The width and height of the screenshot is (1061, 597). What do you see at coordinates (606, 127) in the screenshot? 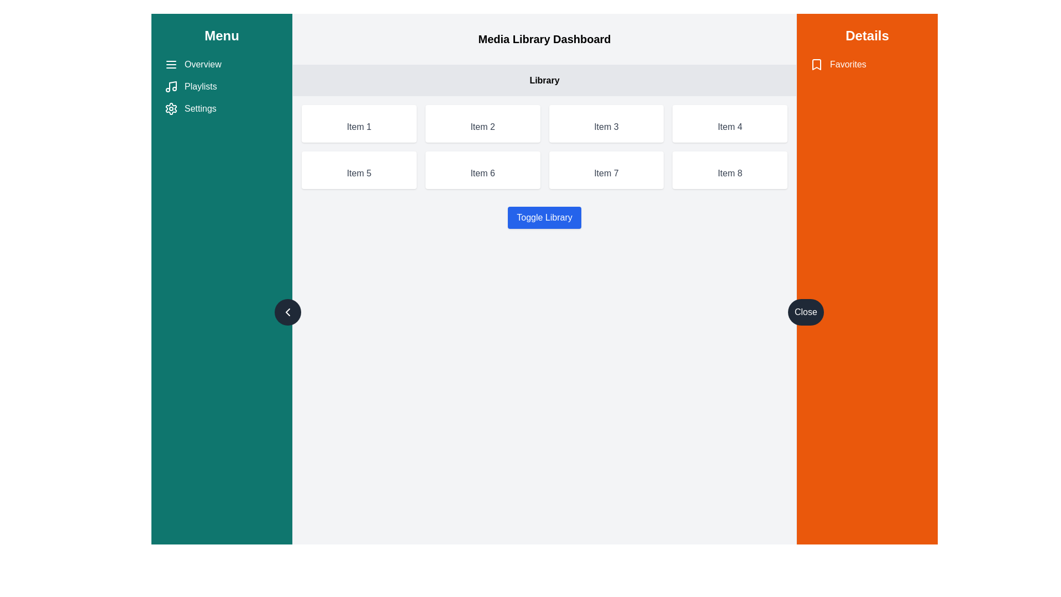
I see `text label element displaying 'Item 3' in the grid layout under the 'Library' section` at bounding box center [606, 127].